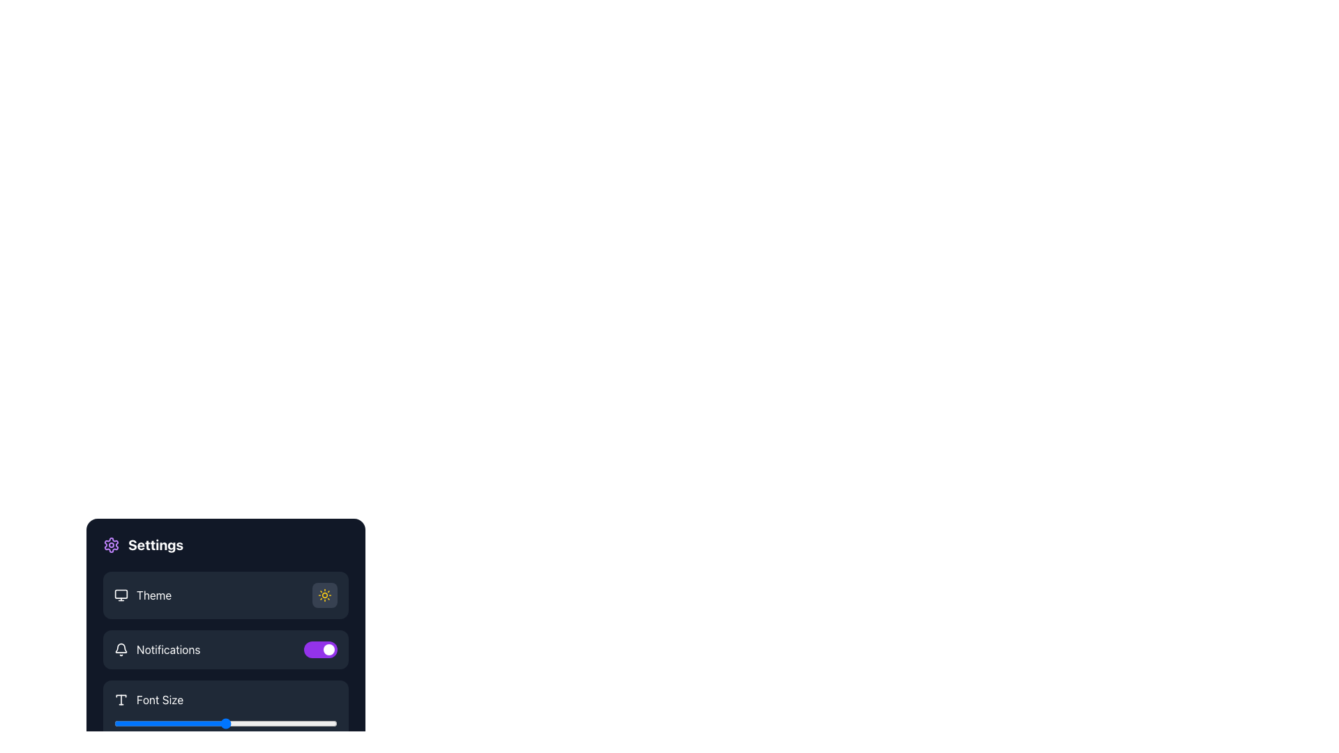 This screenshot has width=1339, height=753. I want to click on the status icon located at the right end of the 'Theme' row in the settings menu, so click(324, 595).